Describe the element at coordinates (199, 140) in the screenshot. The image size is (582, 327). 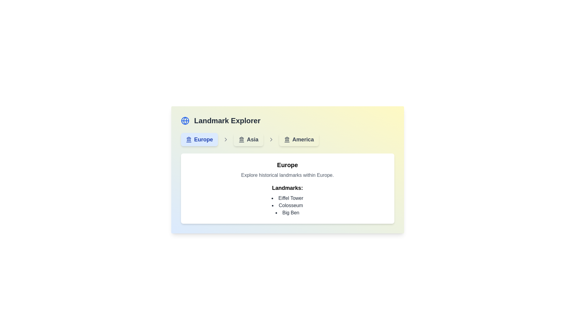
I see `the navigation button for the 'Europe' section` at that location.